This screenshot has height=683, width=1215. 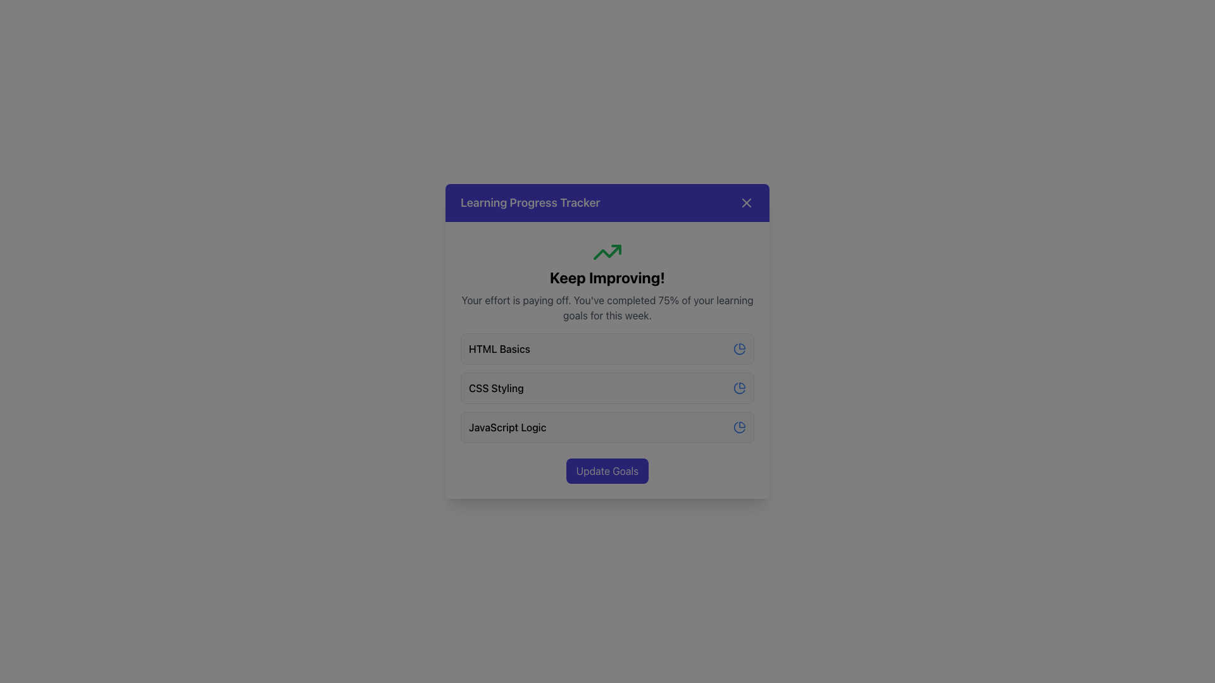 I want to click on the second list item in the dialog box that indicates 'CSS Styling', located between 'HTML Basics' and 'JavaScript Logic', so click(x=607, y=387).